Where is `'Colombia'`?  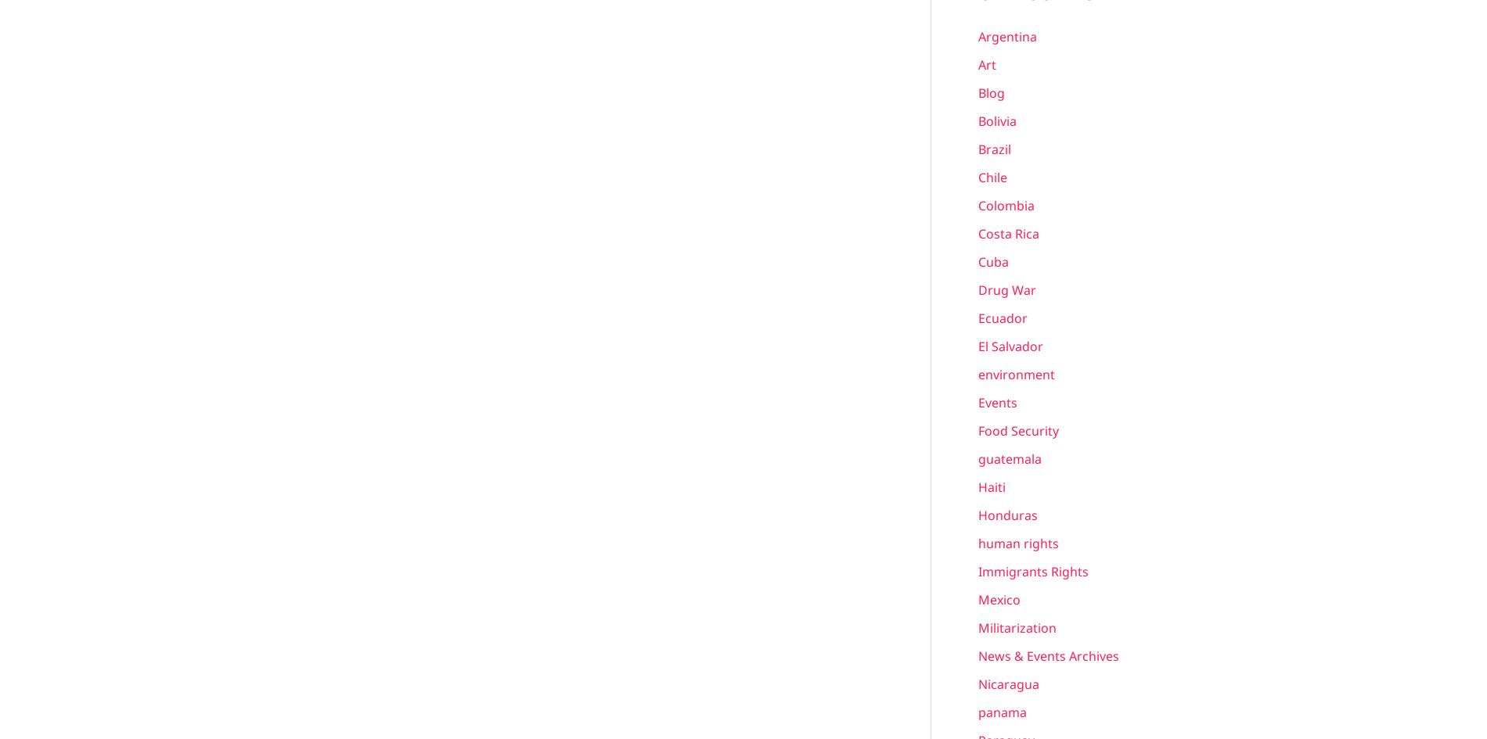
'Colombia' is located at coordinates (1005, 204).